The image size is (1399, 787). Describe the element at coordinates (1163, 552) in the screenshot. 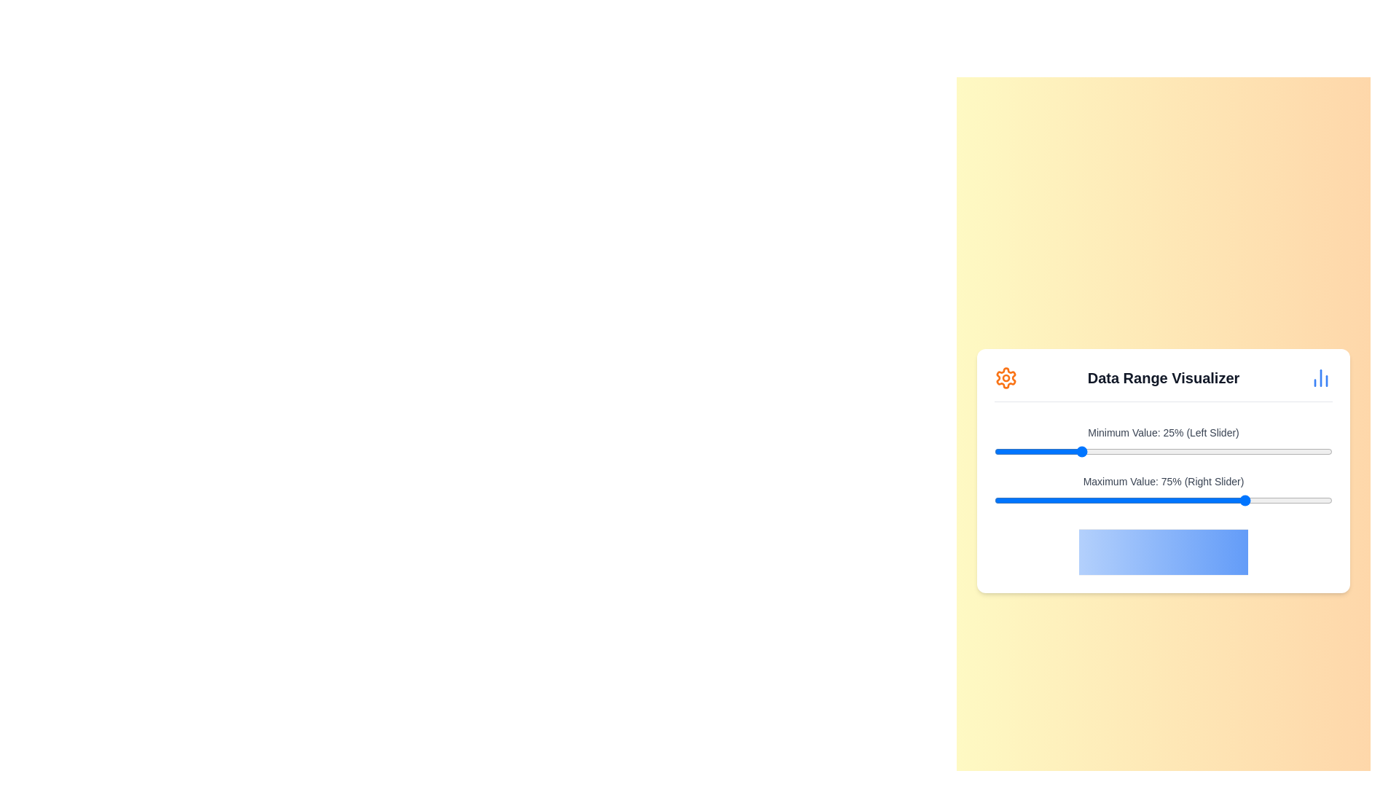

I see `the visual representation bar, which is a horizontal bar with rounded edges and a gradient fill, located below the Minimum Value and Maximum Value sliders` at that location.